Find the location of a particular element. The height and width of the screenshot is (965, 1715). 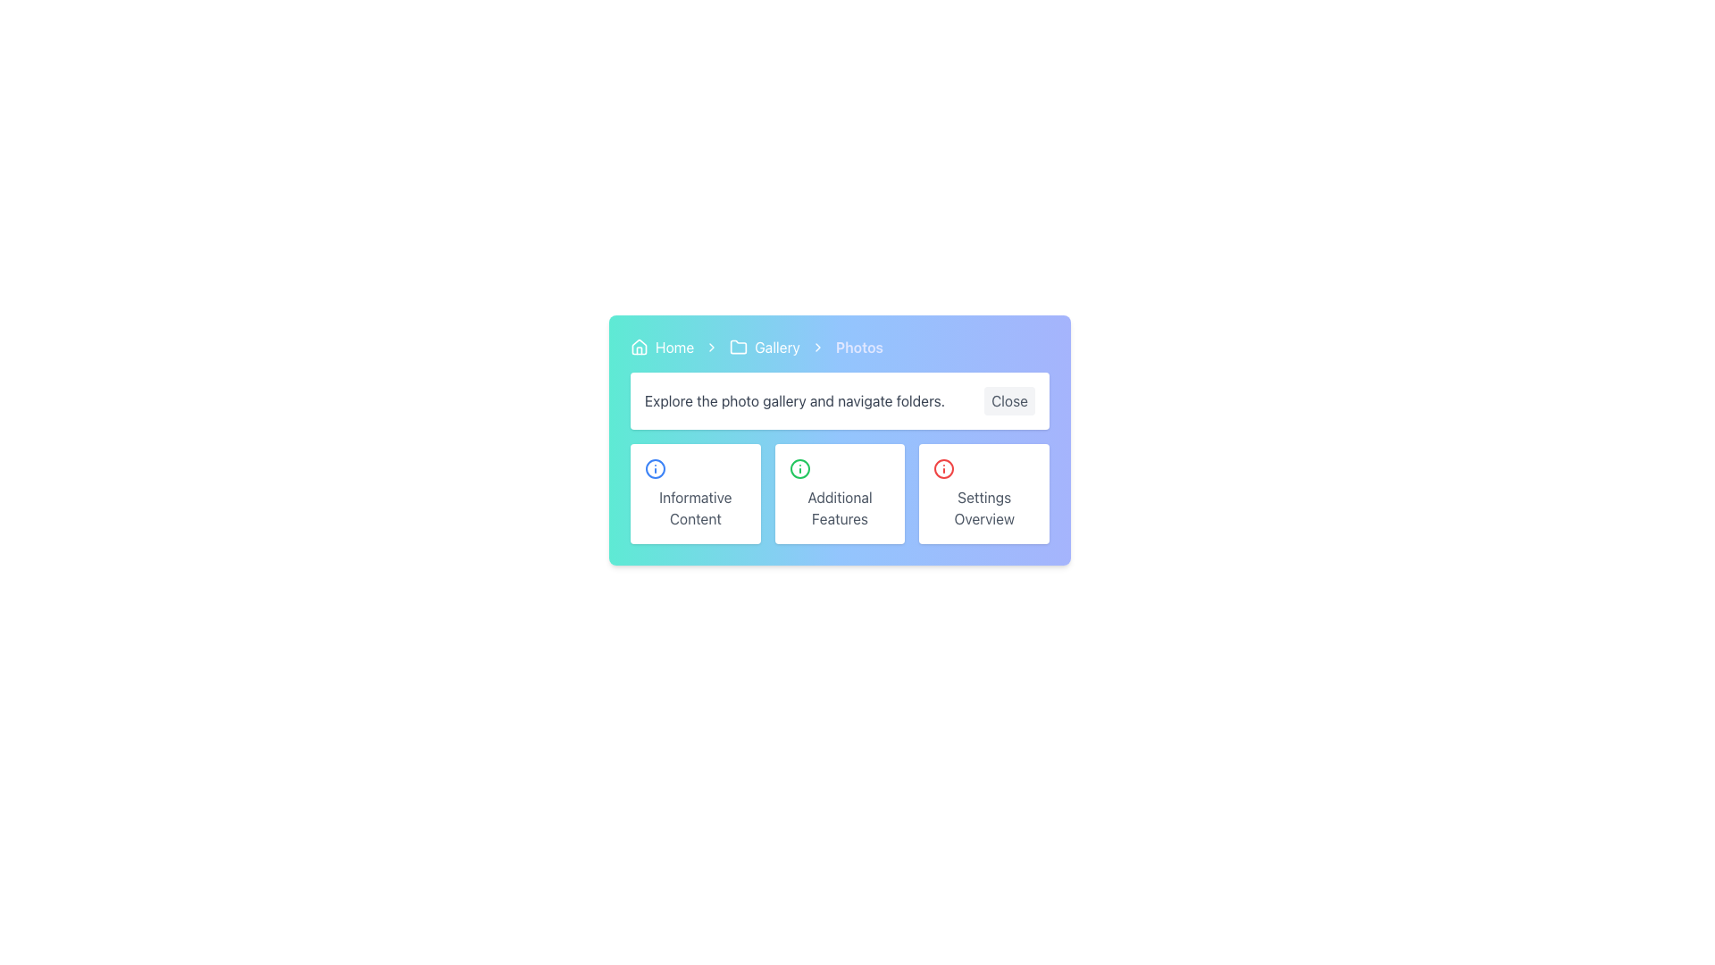

the informational or warning icon located at the top-left corner of the 'Settings Overview' section is located at coordinates (943, 467).